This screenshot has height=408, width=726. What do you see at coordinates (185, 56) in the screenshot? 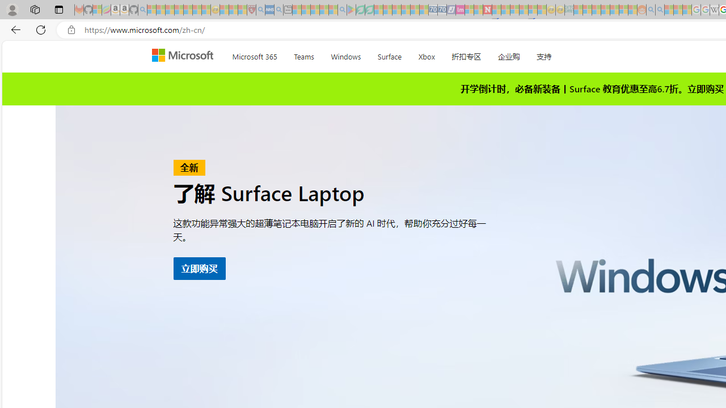
I see `'Microsoft'` at bounding box center [185, 56].